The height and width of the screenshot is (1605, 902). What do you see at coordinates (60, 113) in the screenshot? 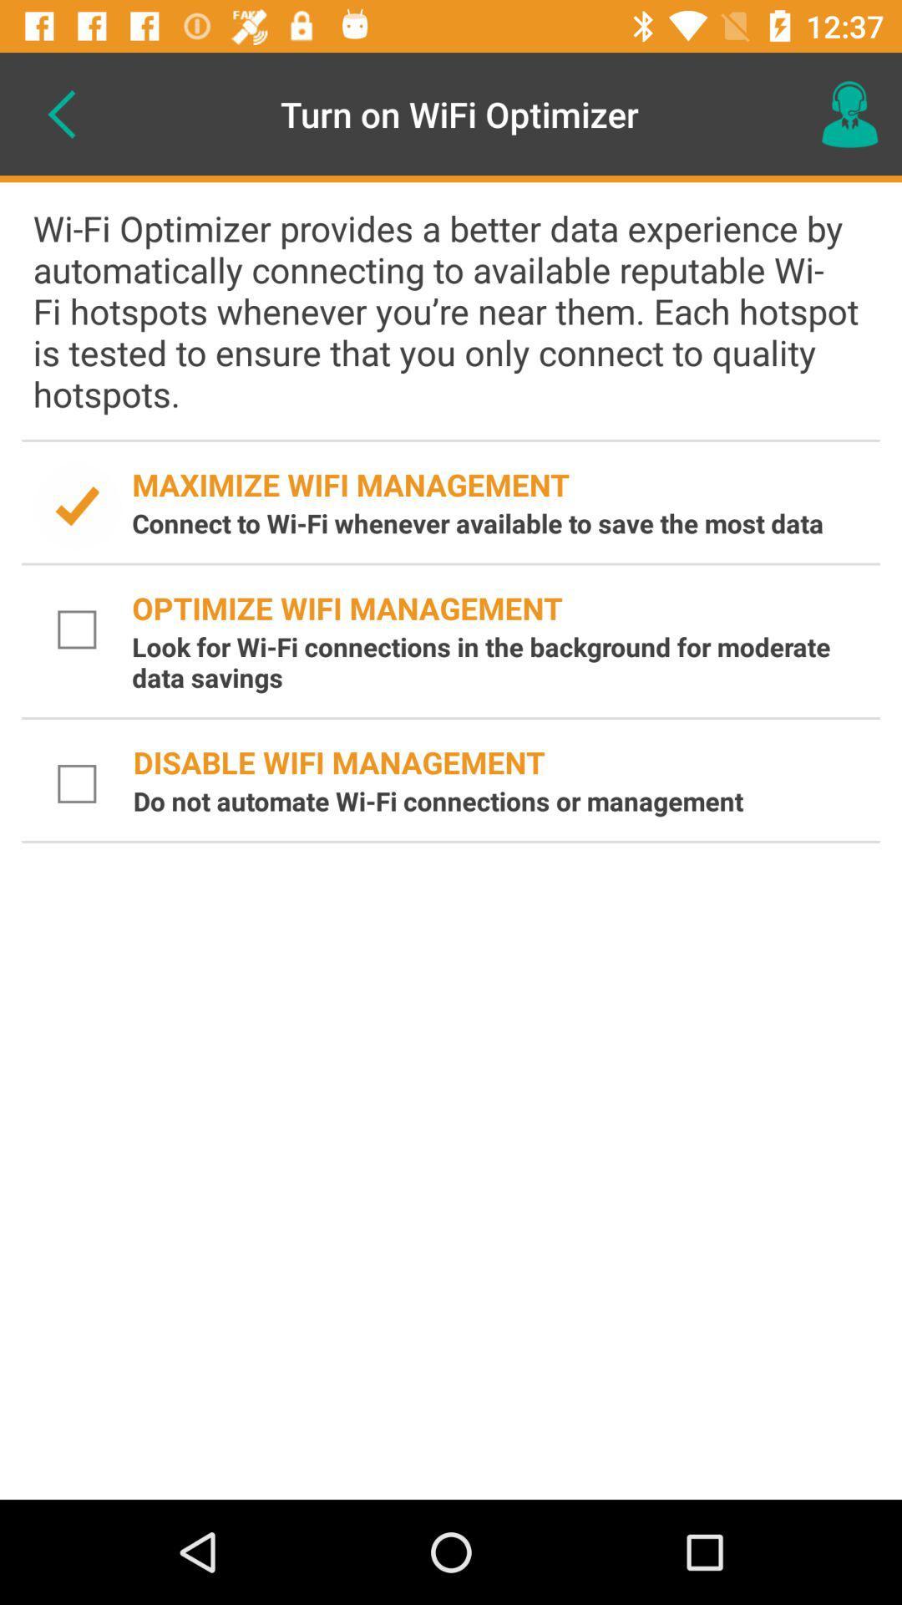
I see `the item to the left of turn on wifi` at bounding box center [60, 113].